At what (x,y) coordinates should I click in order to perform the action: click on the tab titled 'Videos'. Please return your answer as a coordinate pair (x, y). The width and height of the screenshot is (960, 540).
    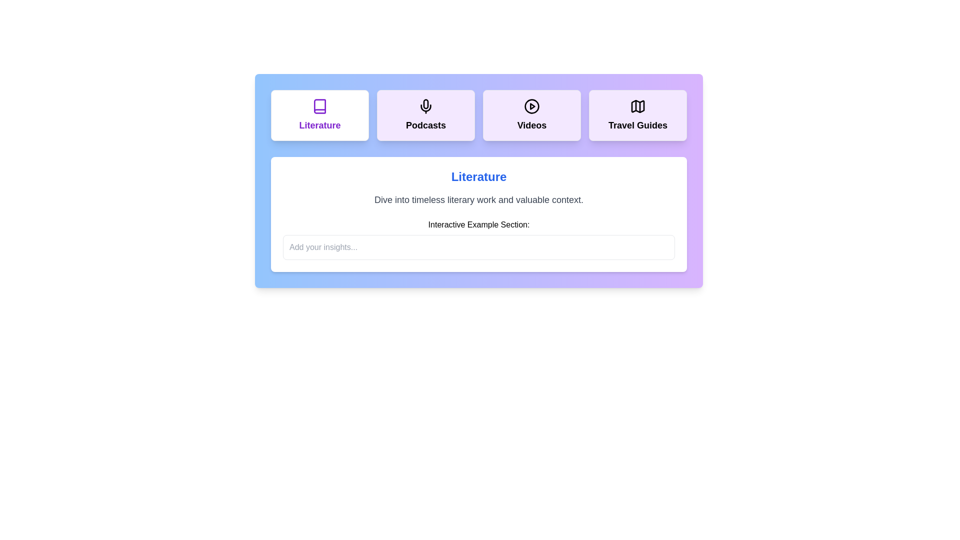
    Looking at the image, I should click on (531, 115).